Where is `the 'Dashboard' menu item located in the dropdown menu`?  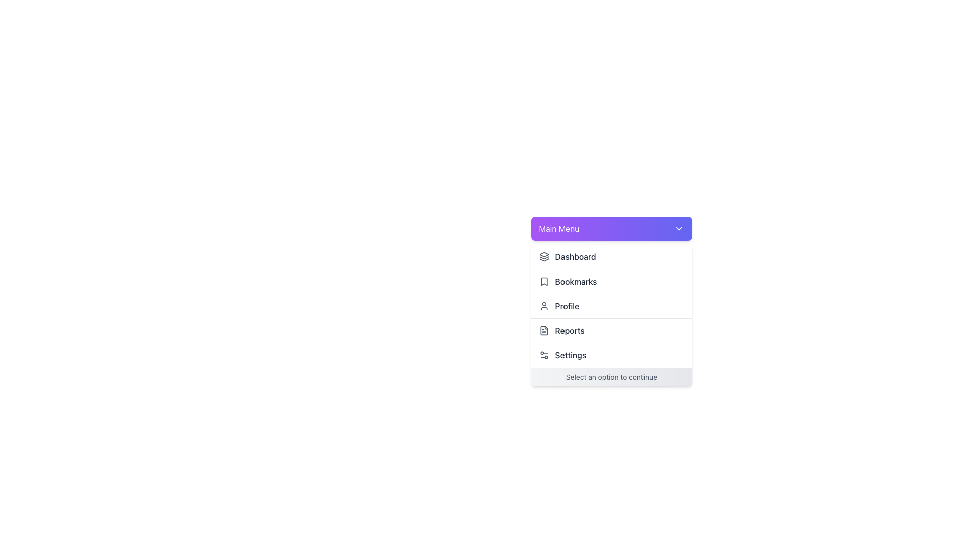
the 'Dashboard' menu item located in the dropdown menu is located at coordinates (575, 256).